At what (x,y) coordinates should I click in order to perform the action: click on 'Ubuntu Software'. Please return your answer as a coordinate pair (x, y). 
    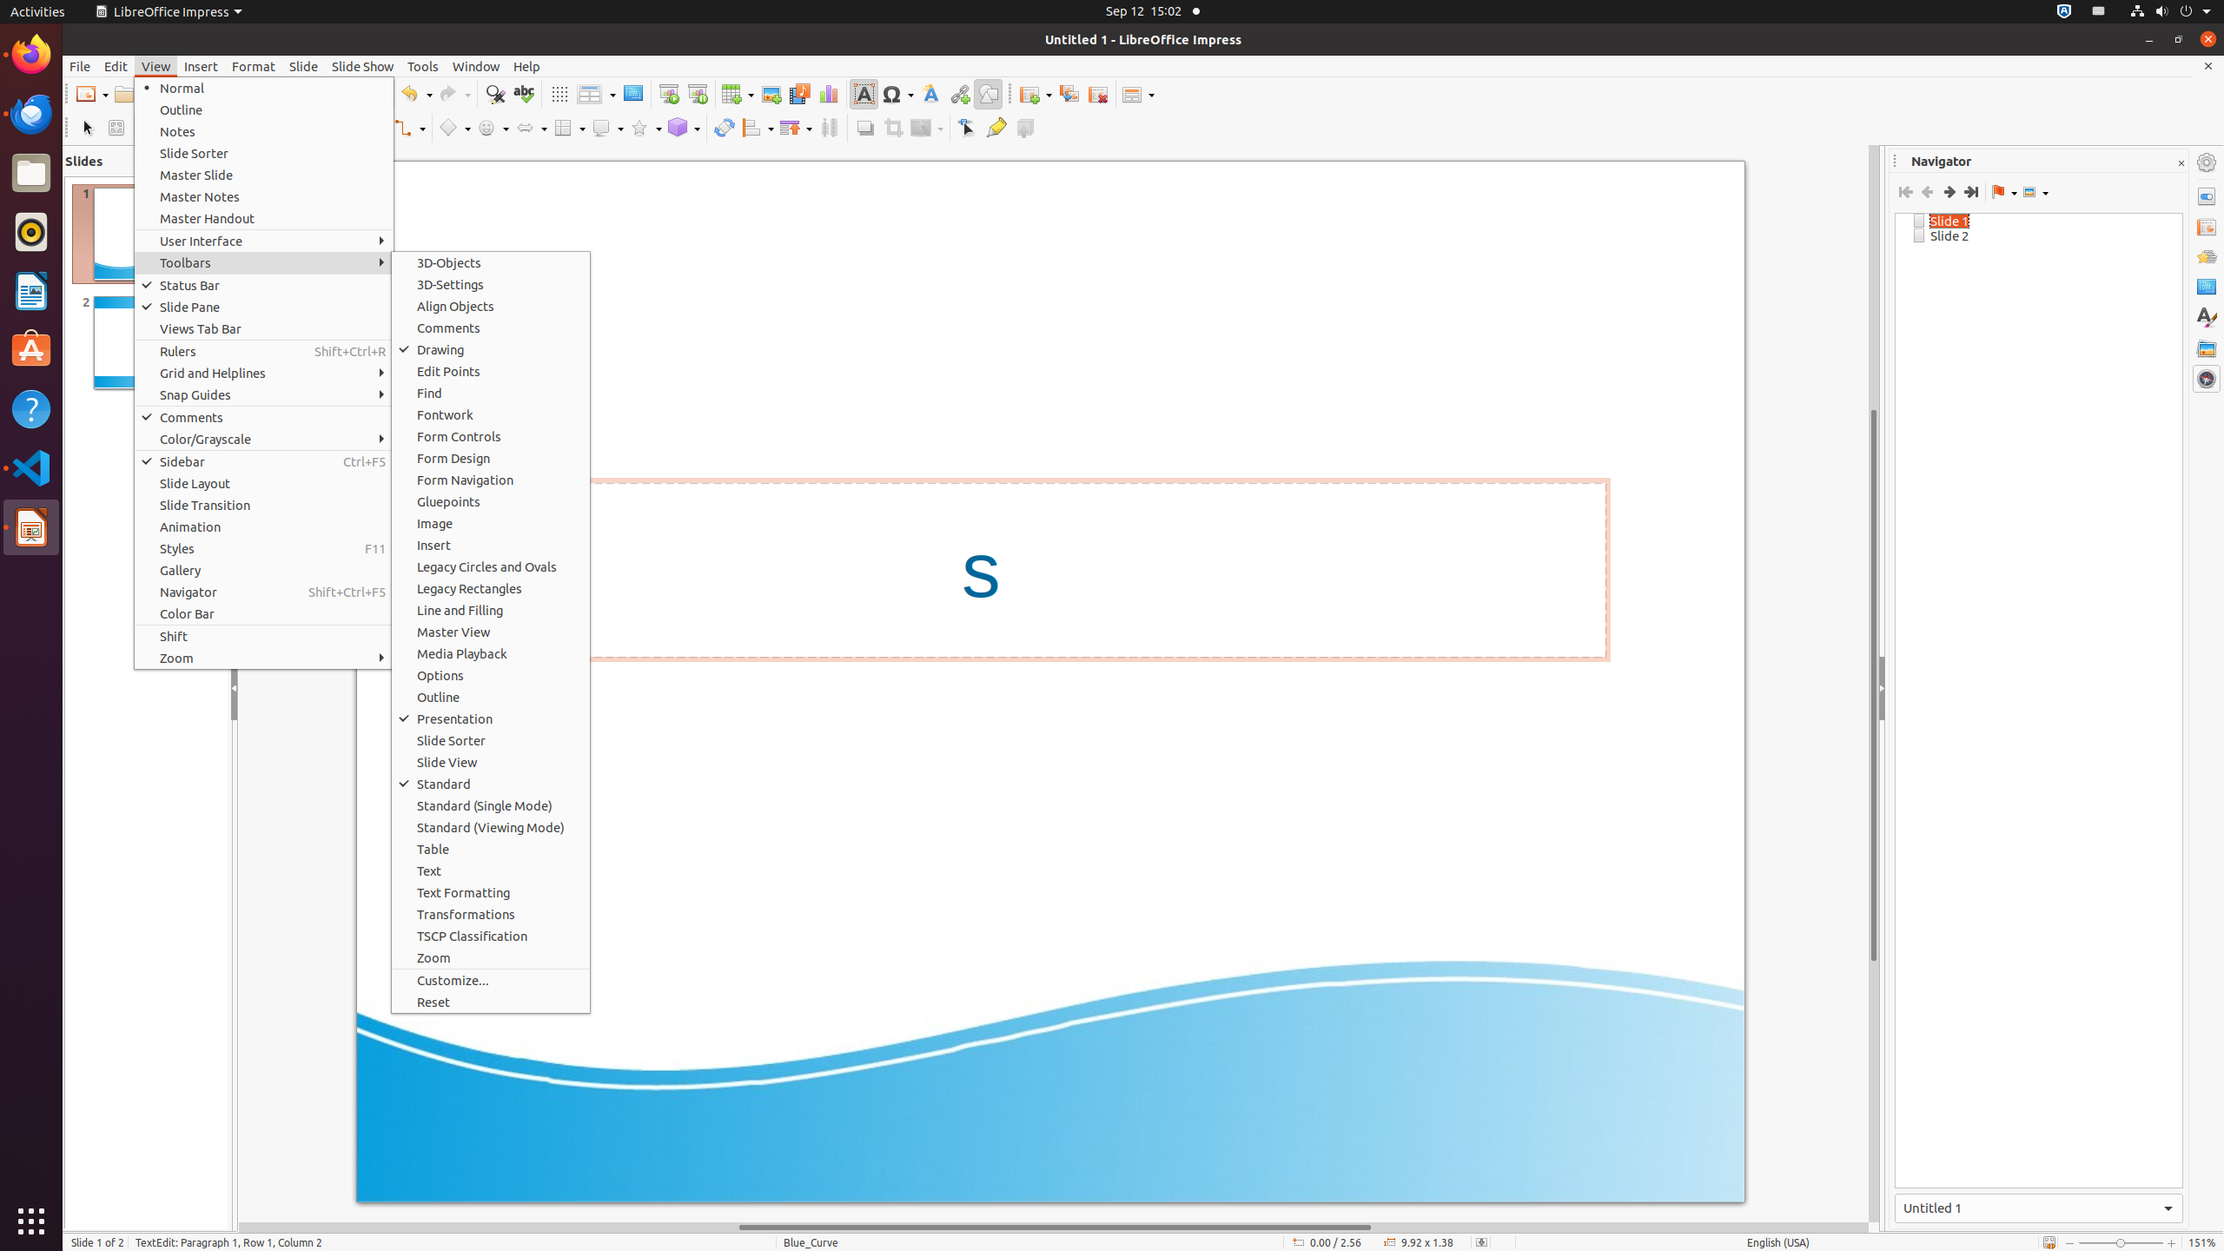
    Looking at the image, I should click on (31, 349).